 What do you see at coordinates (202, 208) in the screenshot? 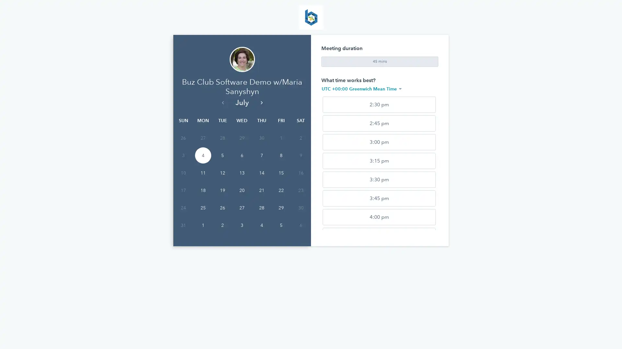
I see `July 25th` at bounding box center [202, 208].